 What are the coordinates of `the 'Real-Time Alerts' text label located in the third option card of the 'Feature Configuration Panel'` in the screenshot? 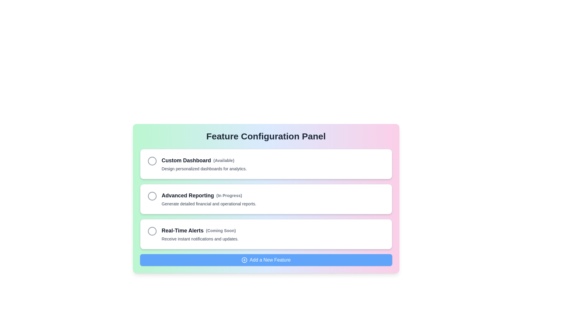 It's located at (182, 230).